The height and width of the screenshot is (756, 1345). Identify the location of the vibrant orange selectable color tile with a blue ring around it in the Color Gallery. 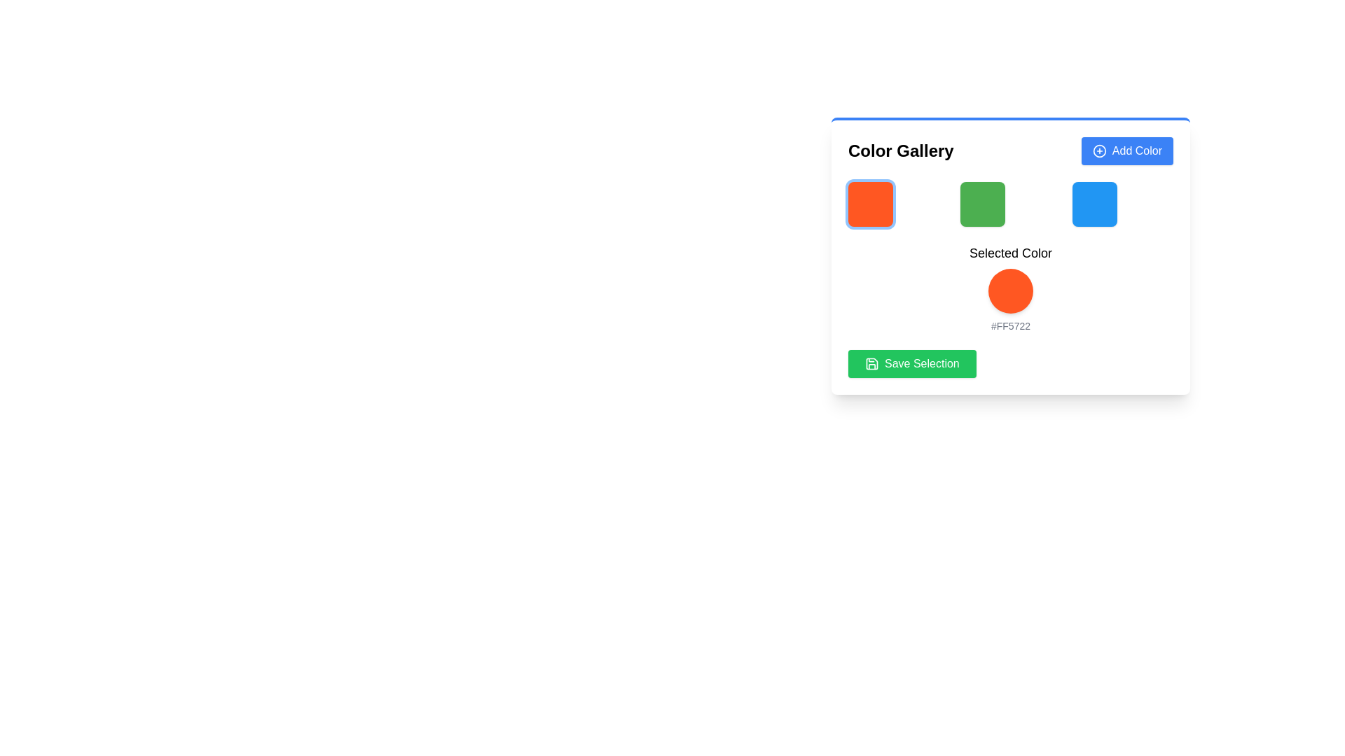
(870, 204).